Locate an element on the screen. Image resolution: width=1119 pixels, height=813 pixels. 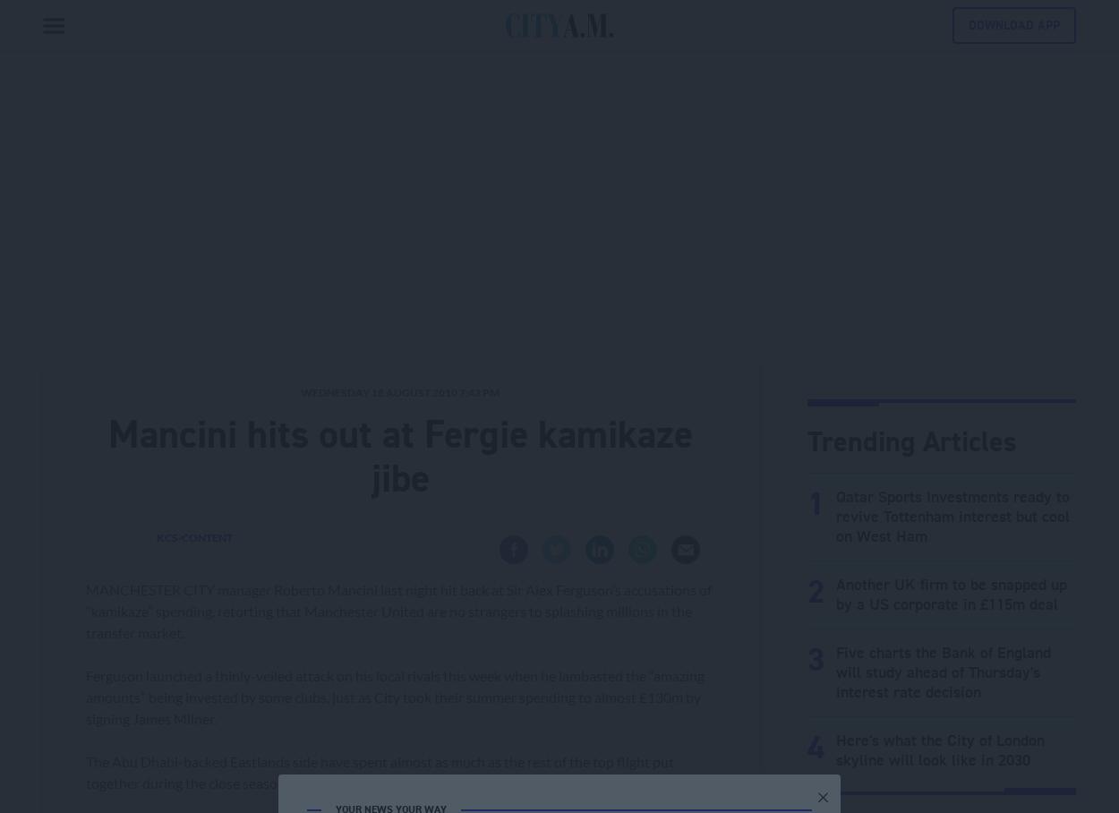
'Qatar Sports Investments ready to revive Tottenham interest but cool on West Ham' is located at coordinates (952, 516).